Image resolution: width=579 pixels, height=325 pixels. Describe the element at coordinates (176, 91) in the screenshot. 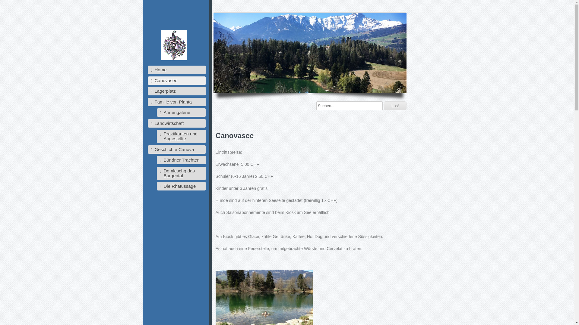

I see `'Lagerplatz'` at that location.